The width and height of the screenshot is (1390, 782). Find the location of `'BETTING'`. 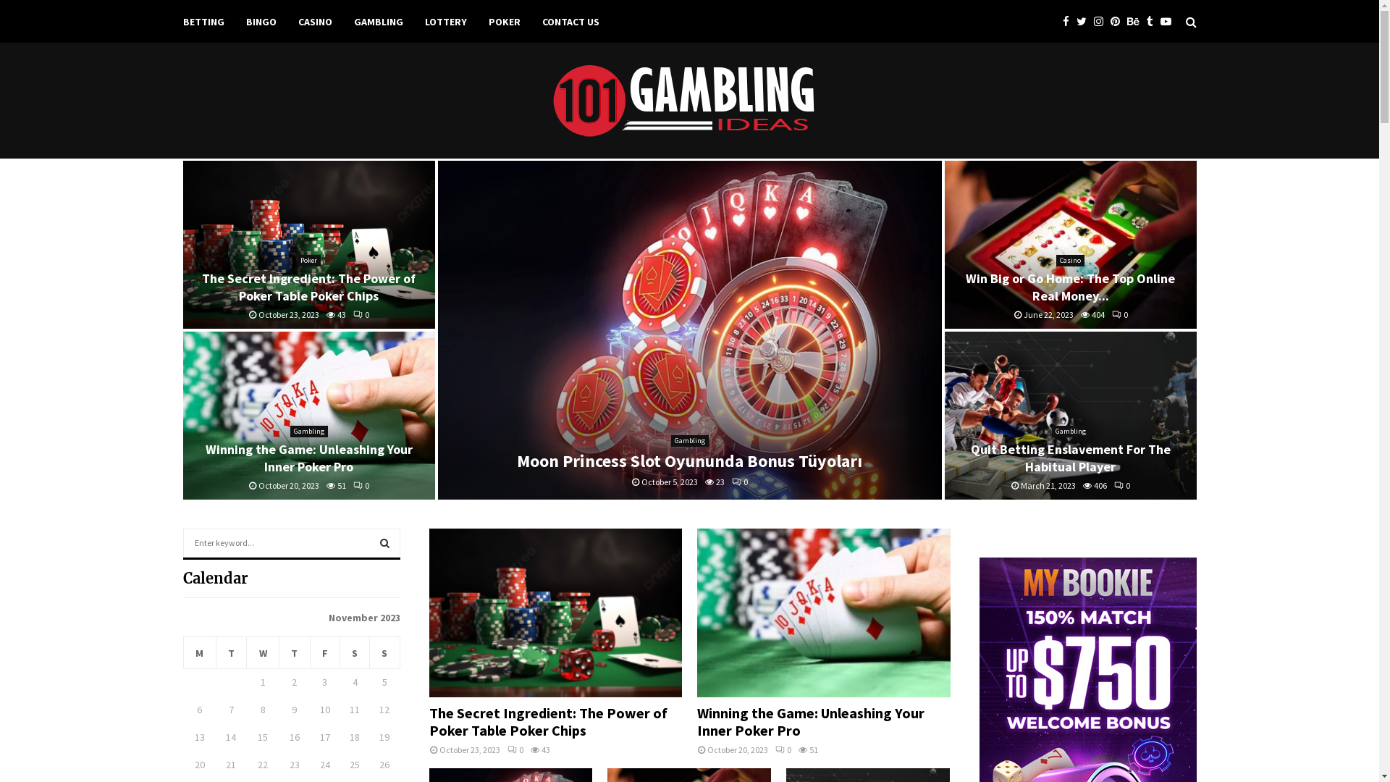

'BETTING' is located at coordinates (182, 22).